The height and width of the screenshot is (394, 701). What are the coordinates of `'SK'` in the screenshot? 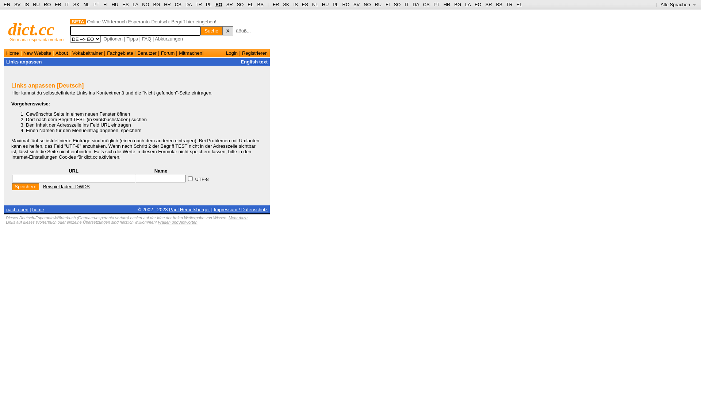 It's located at (282, 4).